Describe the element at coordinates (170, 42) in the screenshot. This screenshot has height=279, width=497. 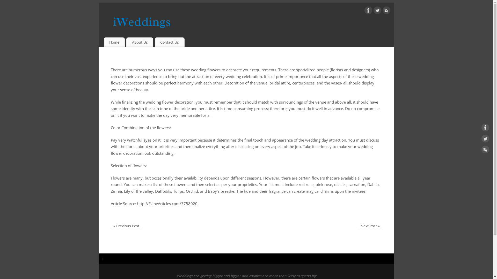
I see `'Contact Us'` at that location.